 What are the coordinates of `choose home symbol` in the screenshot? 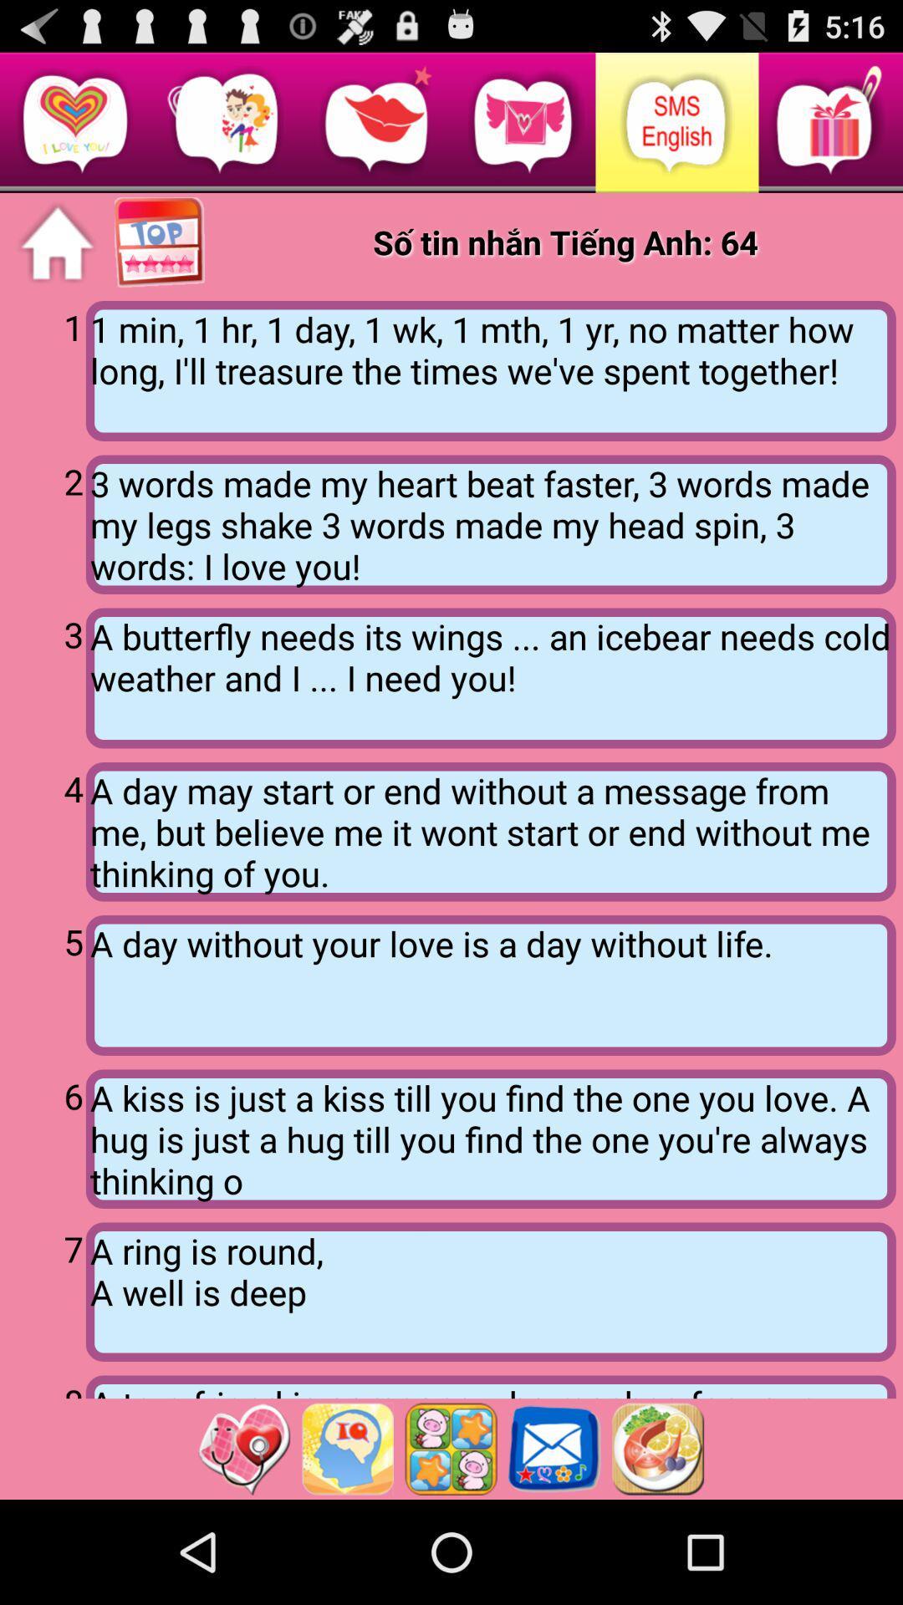 It's located at (56, 242).